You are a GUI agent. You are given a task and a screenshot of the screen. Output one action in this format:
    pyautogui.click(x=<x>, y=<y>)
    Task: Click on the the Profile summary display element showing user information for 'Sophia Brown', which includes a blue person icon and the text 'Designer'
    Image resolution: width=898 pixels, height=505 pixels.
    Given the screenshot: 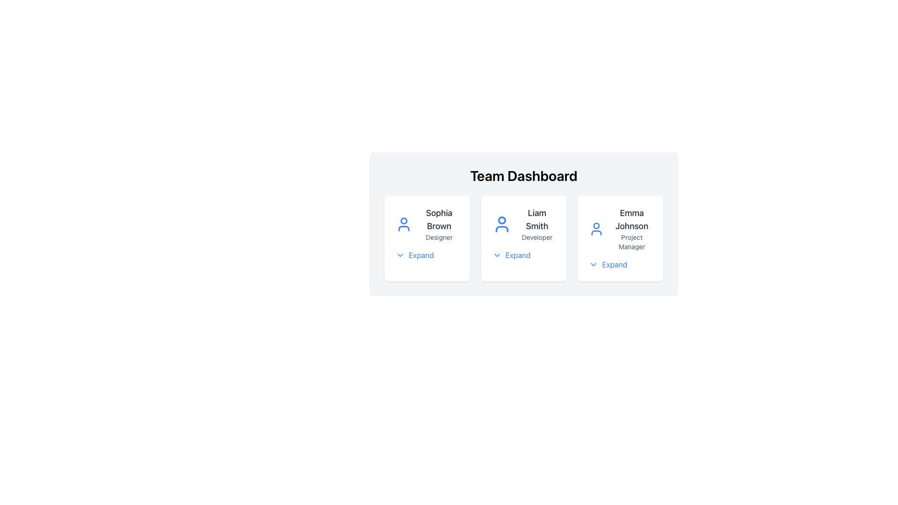 What is the action you would take?
    pyautogui.click(x=427, y=224)
    